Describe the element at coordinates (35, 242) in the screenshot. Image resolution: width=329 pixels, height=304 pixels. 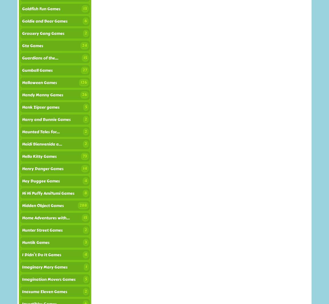
I see `'Huntik Games'` at that location.